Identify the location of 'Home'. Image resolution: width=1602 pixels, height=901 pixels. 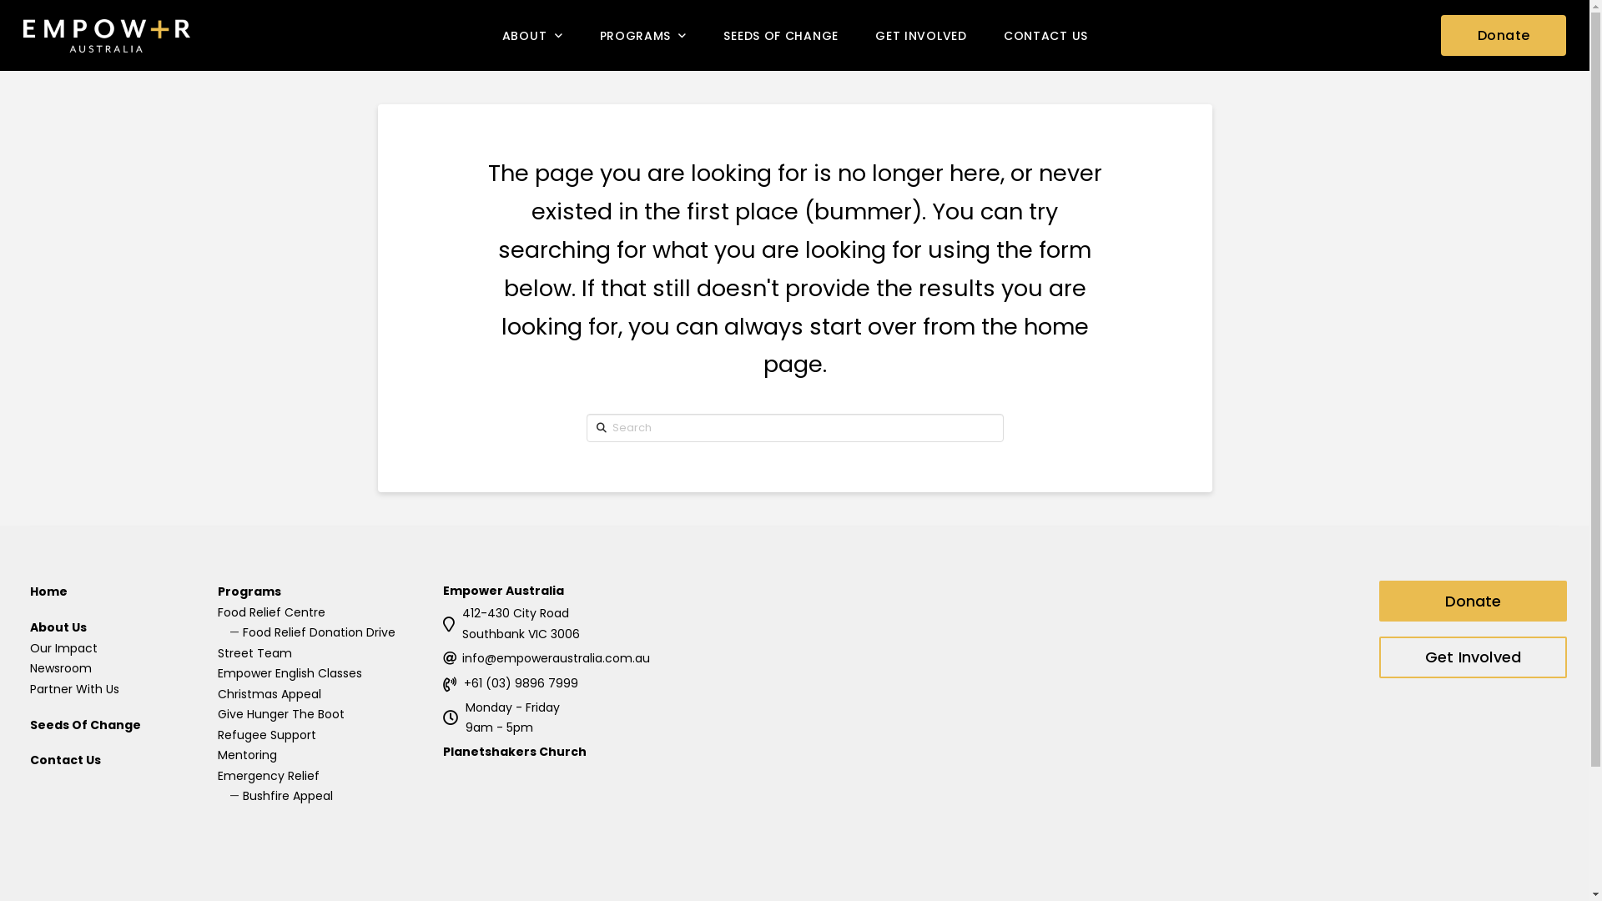
(29, 591).